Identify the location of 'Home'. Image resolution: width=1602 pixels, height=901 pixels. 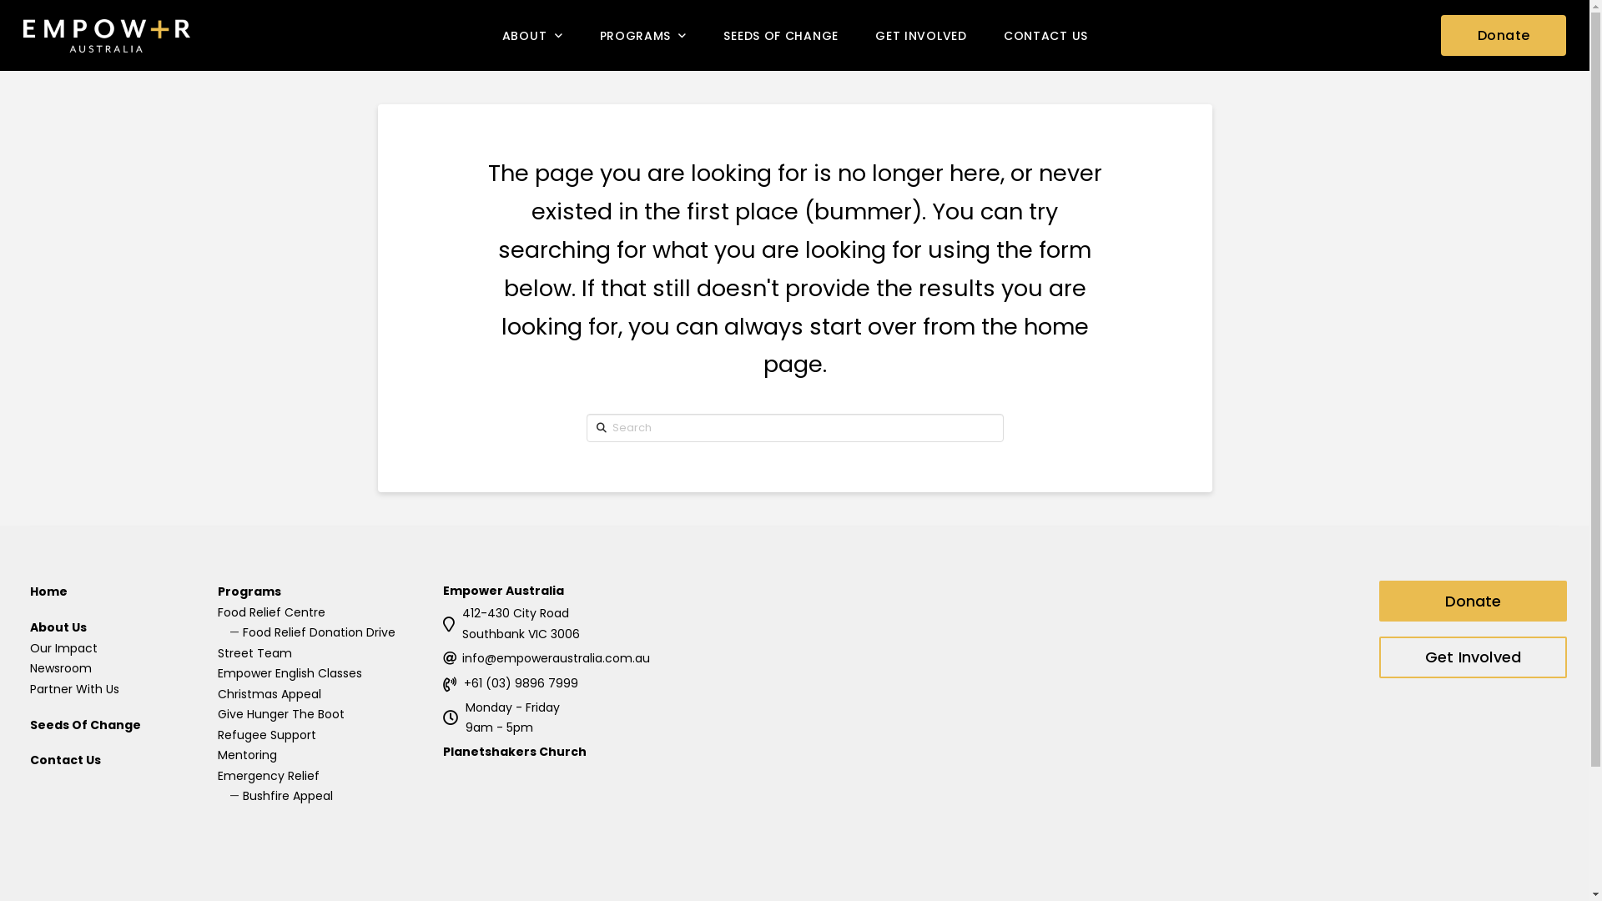
(29, 591).